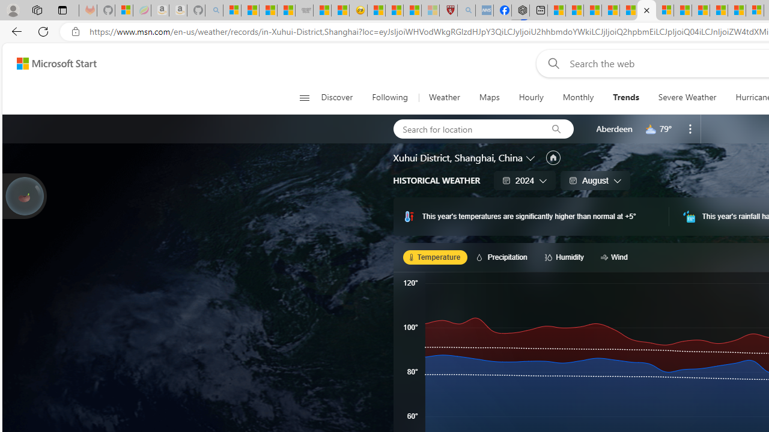 The height and width of the screenshot is (432, 769). I want to click on 'Join us in planting real trees to help our planet!', so click(24, 196).